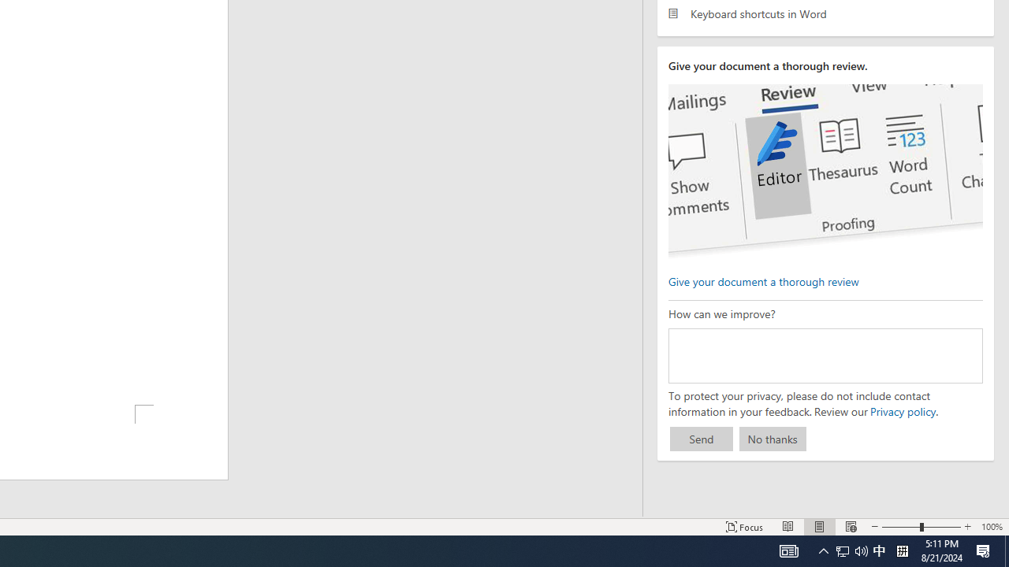 The image size is (1009, 567). Describe the element at coordinates (825, 172) in the screenshot. I see `'editor ui screenshot'` at that location.